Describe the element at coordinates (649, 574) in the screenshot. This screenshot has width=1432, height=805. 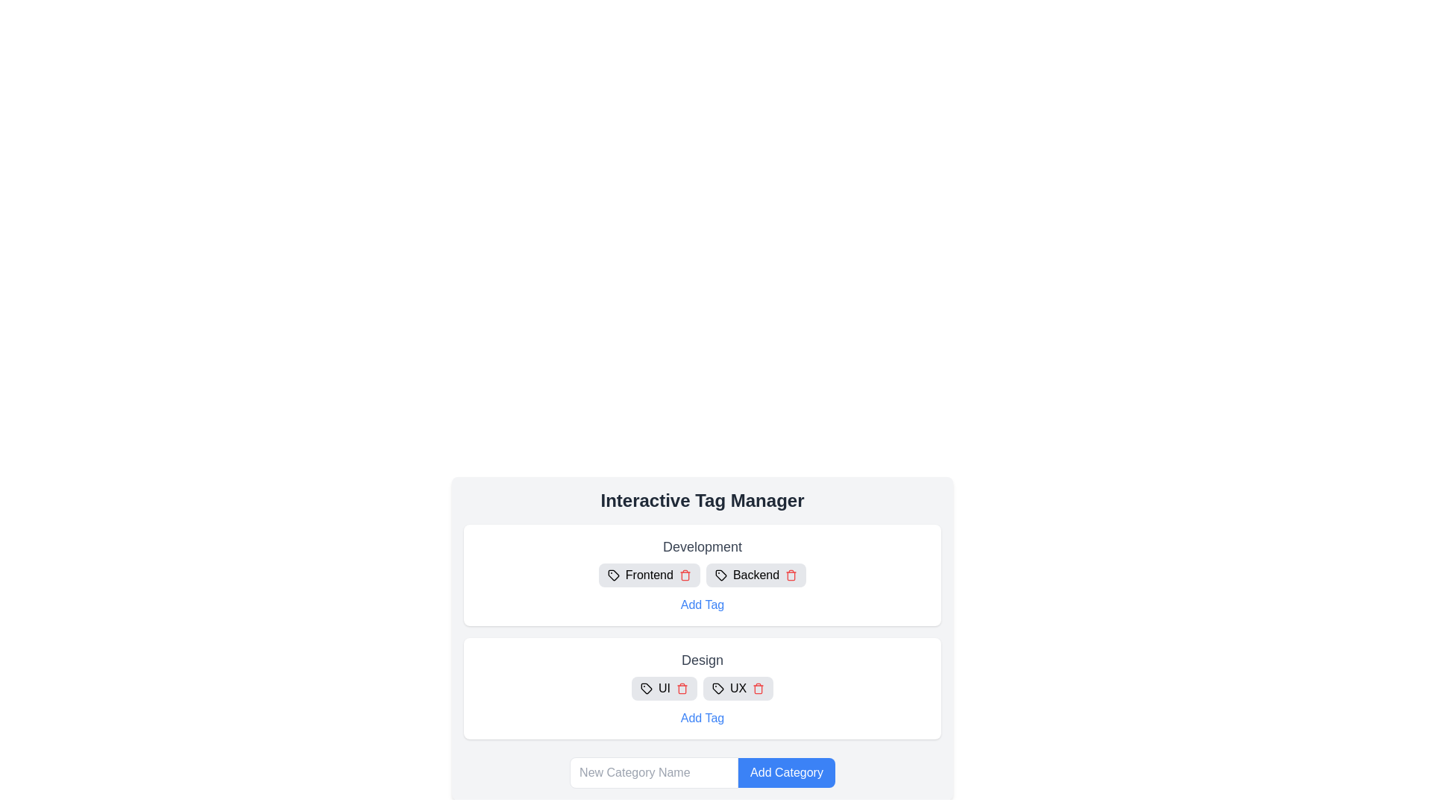
I see `the trash bin icon on the 'Frontend' tag` at that location.